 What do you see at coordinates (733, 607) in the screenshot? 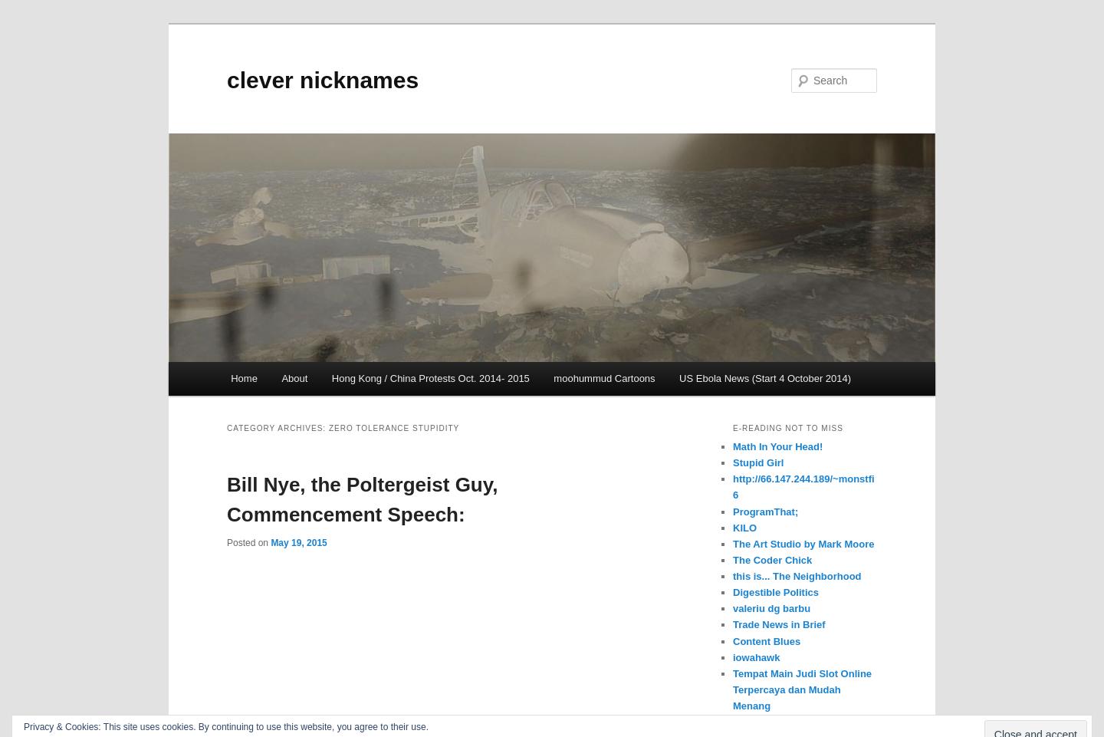
I see `'valeriu dg barbu'` at bounding box center [733, 607].